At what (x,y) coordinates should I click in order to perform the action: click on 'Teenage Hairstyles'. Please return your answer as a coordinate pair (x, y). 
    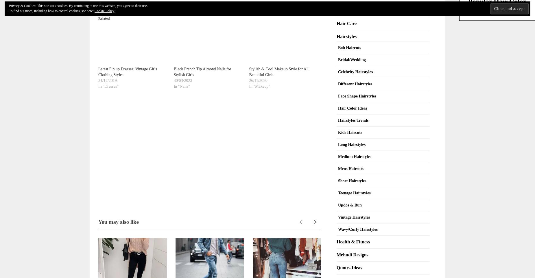
    Looking at the image, I should click on (354, 192).